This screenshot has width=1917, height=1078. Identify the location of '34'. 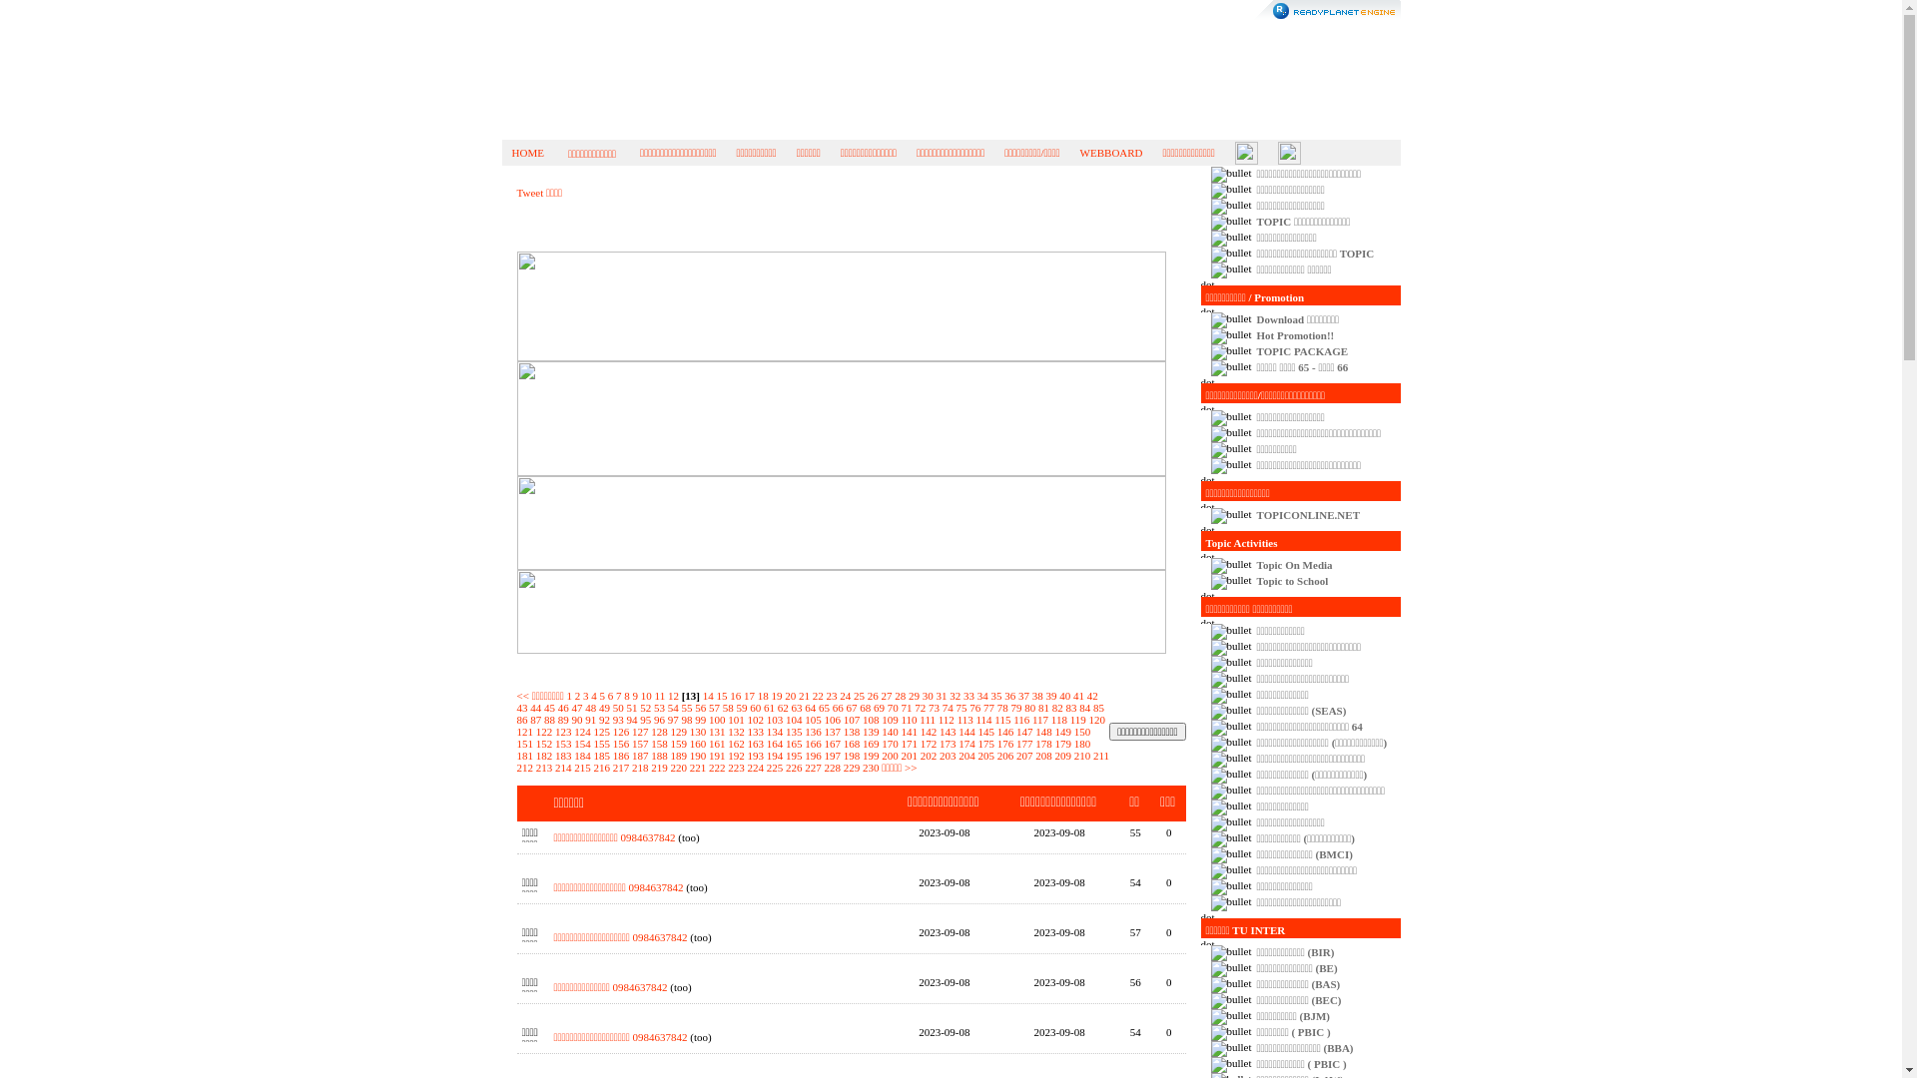
(982, 695).